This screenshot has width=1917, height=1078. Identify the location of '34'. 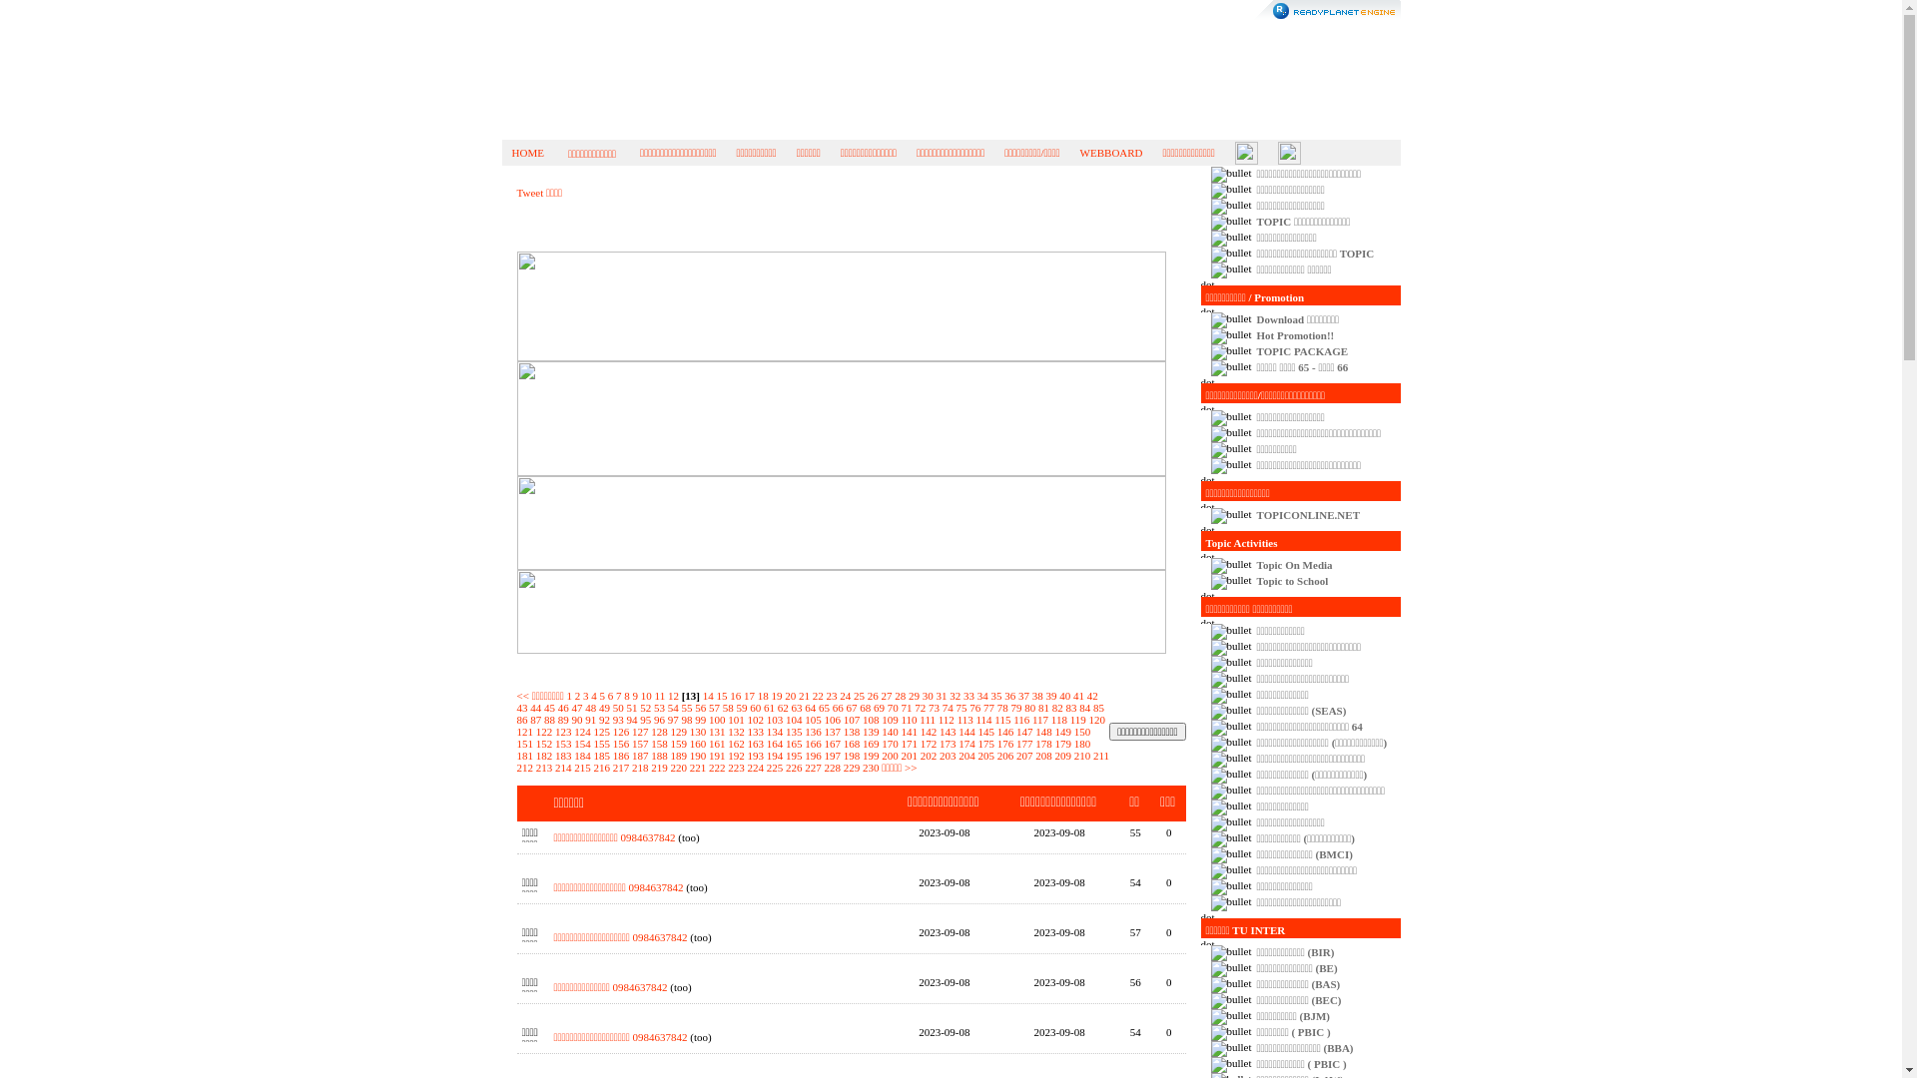
(982, 695).